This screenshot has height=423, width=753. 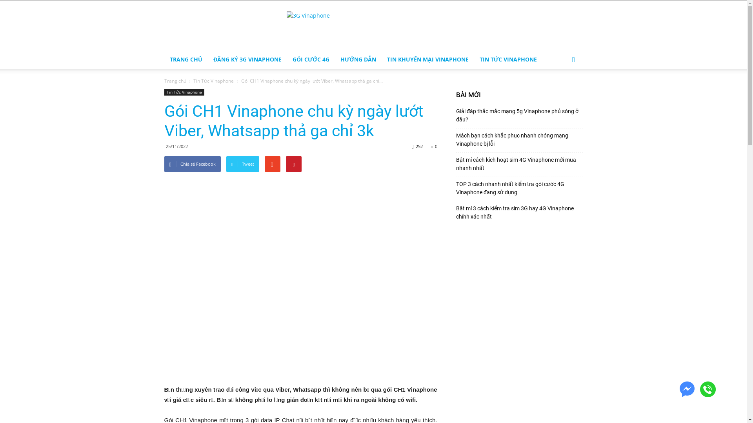 I want to click on '0', so click(x=434, y=146).